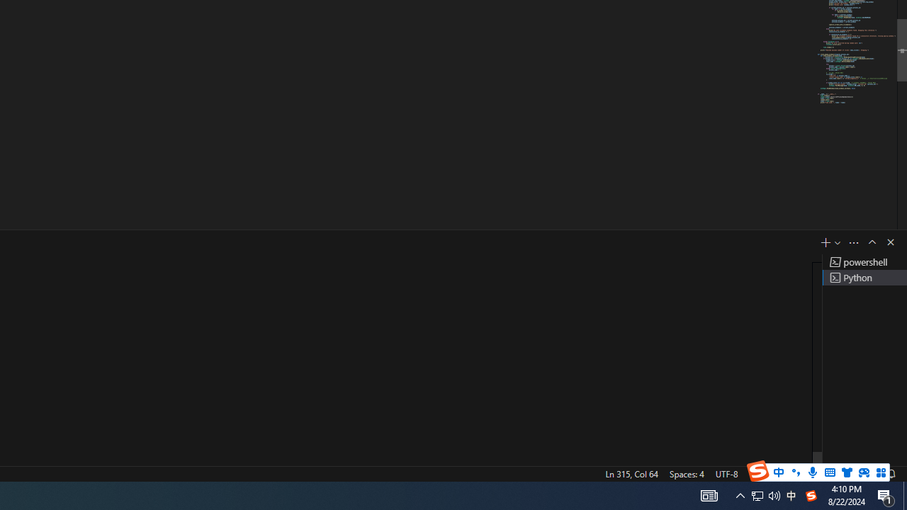 Image resolution: width=907 pixels, height=510 pixels. What do you see at coordinates (871, 242) in the screenshot?
I see `'Maximize Panel Size'` at bounding box center [871, 242].